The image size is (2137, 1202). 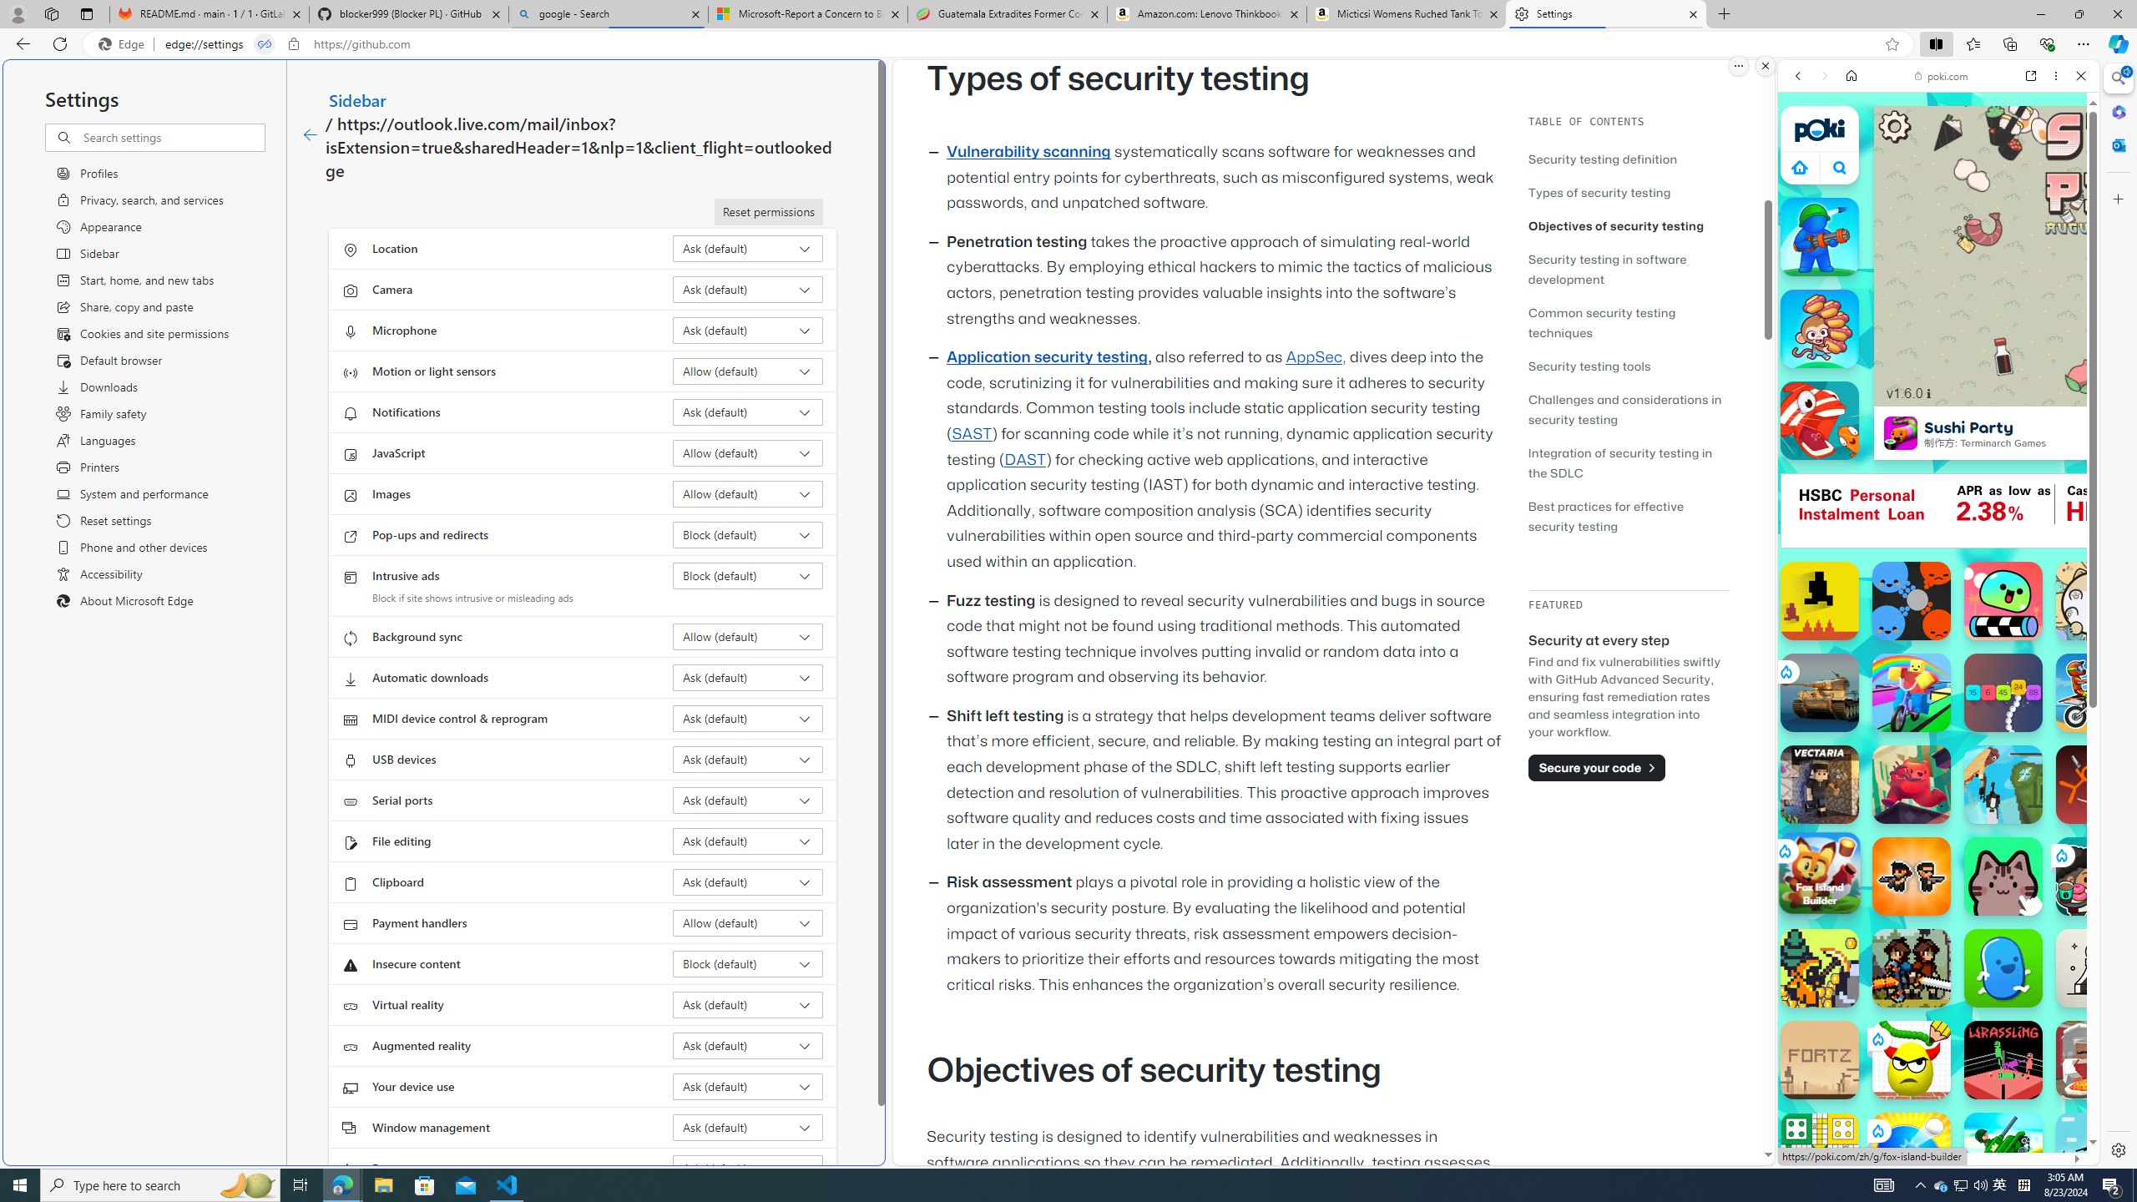 I want to click on 'Security testing definition', so click(x=1627, y=158).